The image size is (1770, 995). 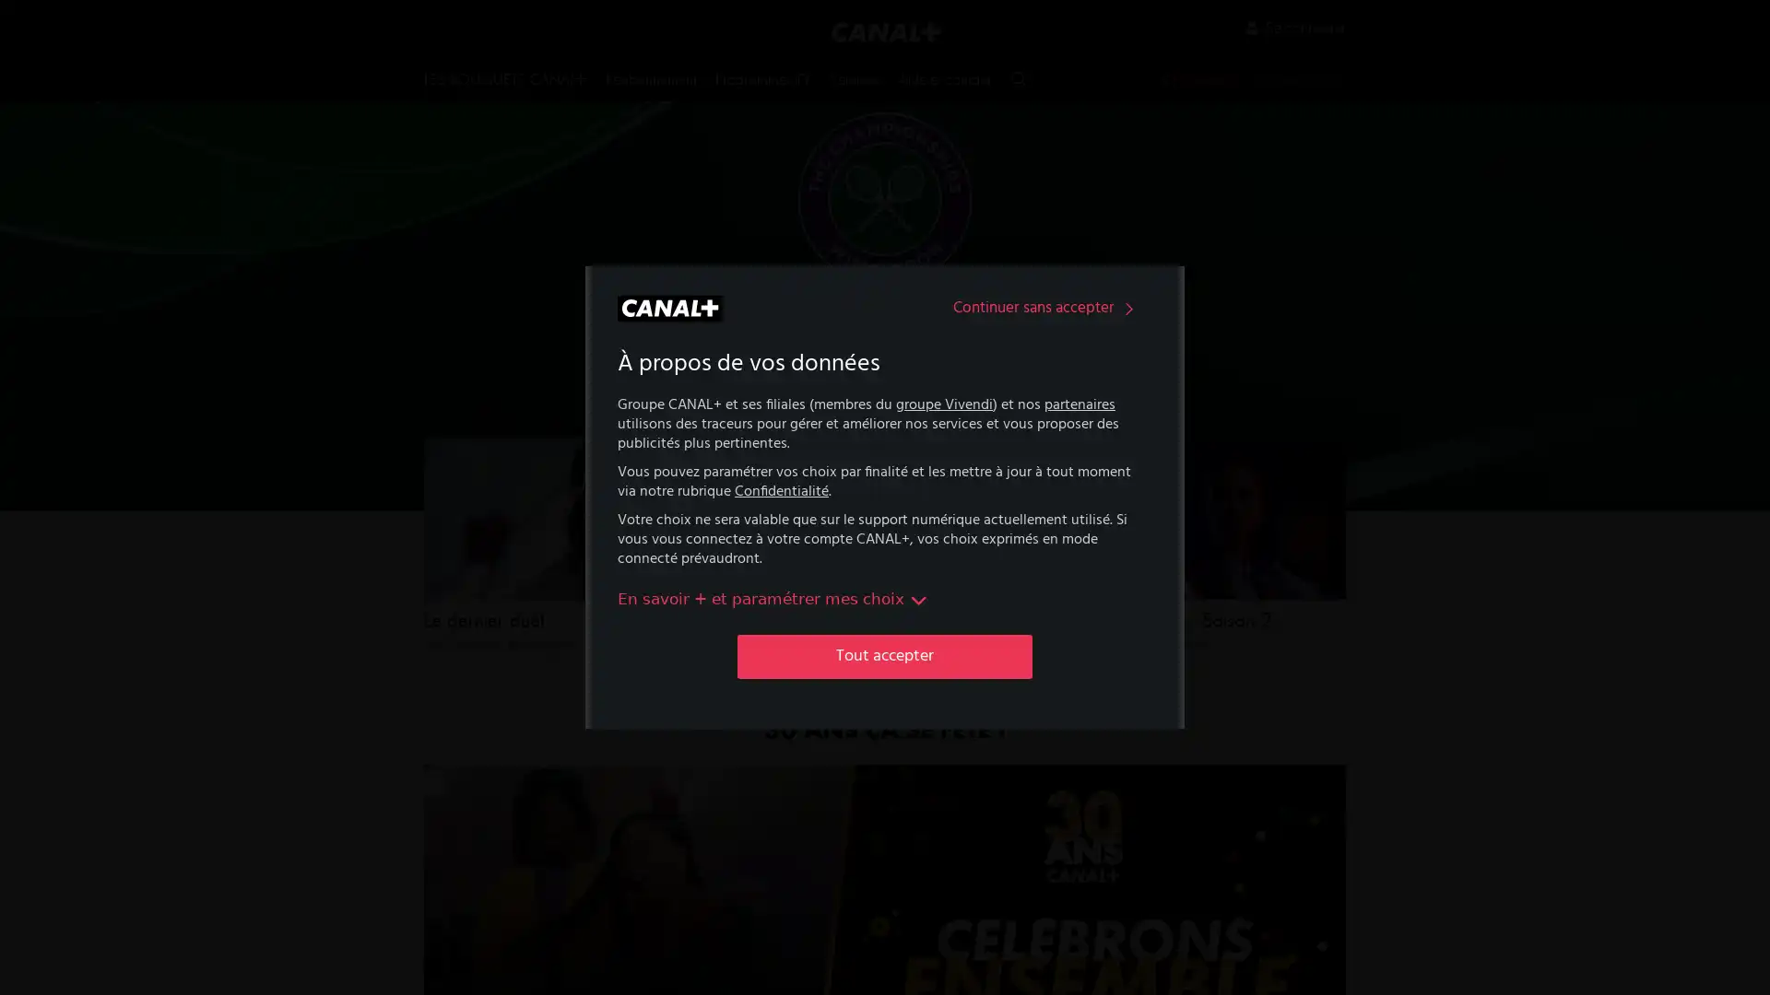 I want to click on Mali, so click(x=885, y=621).